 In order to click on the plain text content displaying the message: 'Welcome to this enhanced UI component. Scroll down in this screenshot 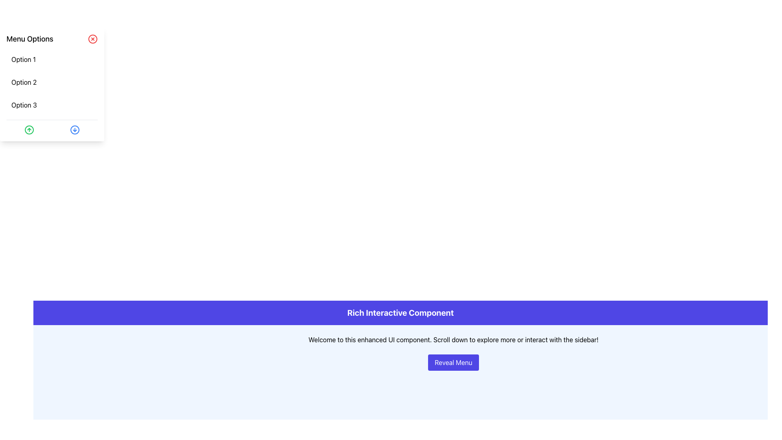, I will do `click(453, 339)`.